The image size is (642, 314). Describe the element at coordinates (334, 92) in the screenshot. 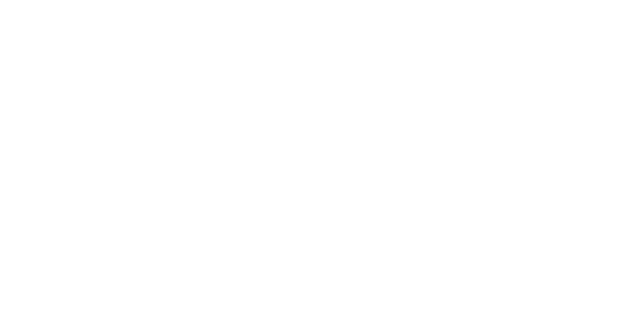

I see `'Genelec Aural ID Plug-In for Headphone Monitoring Debuts'` at that location.